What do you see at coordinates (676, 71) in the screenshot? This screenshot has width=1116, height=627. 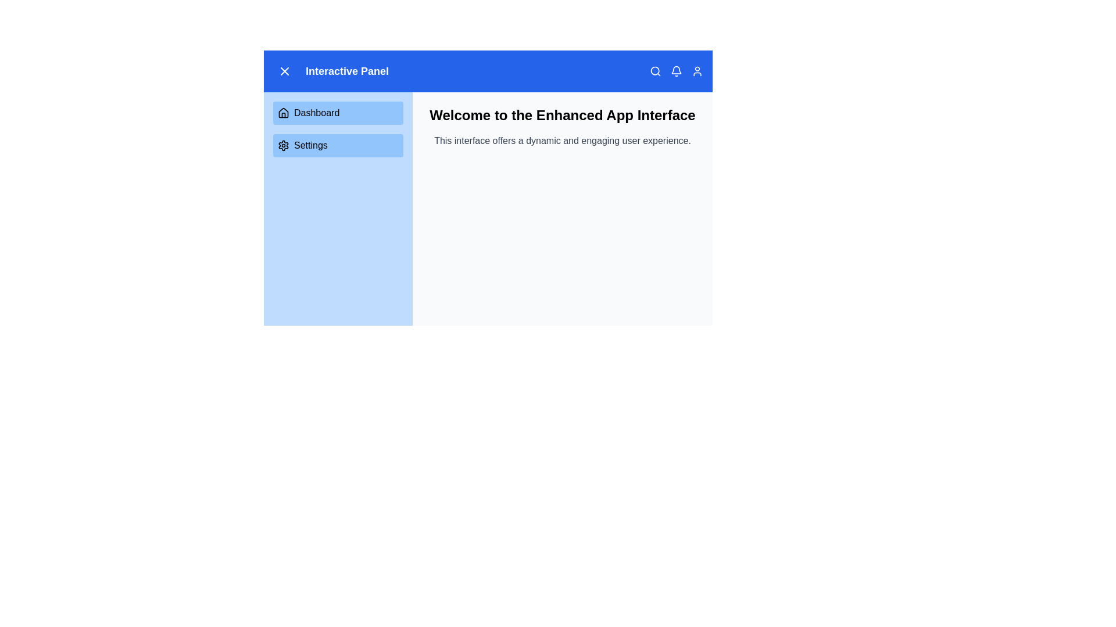 I see `the notification indicator icon located in the top-right corner of the interface` at bounding box center [676, 71].